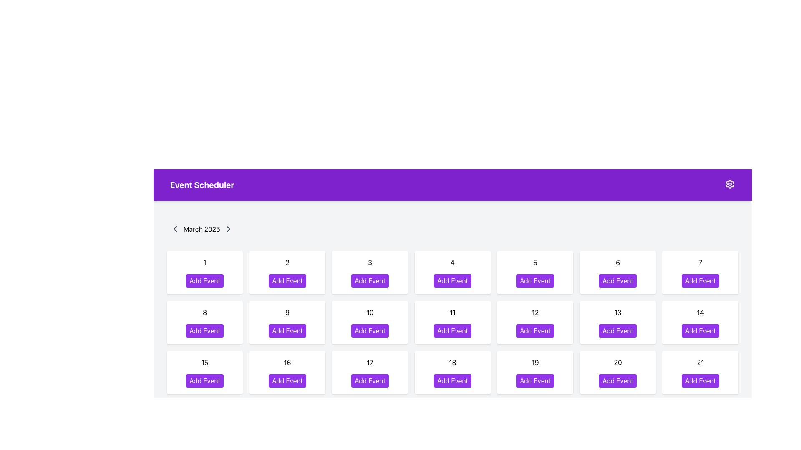 Image resolution: width=801 pixels, height=450 pixels. What do you see at coordinates (204, 381) in the screenshot?
I see `the button located in the third row and first column of the calendar grid` at bounding box center [204, 381].